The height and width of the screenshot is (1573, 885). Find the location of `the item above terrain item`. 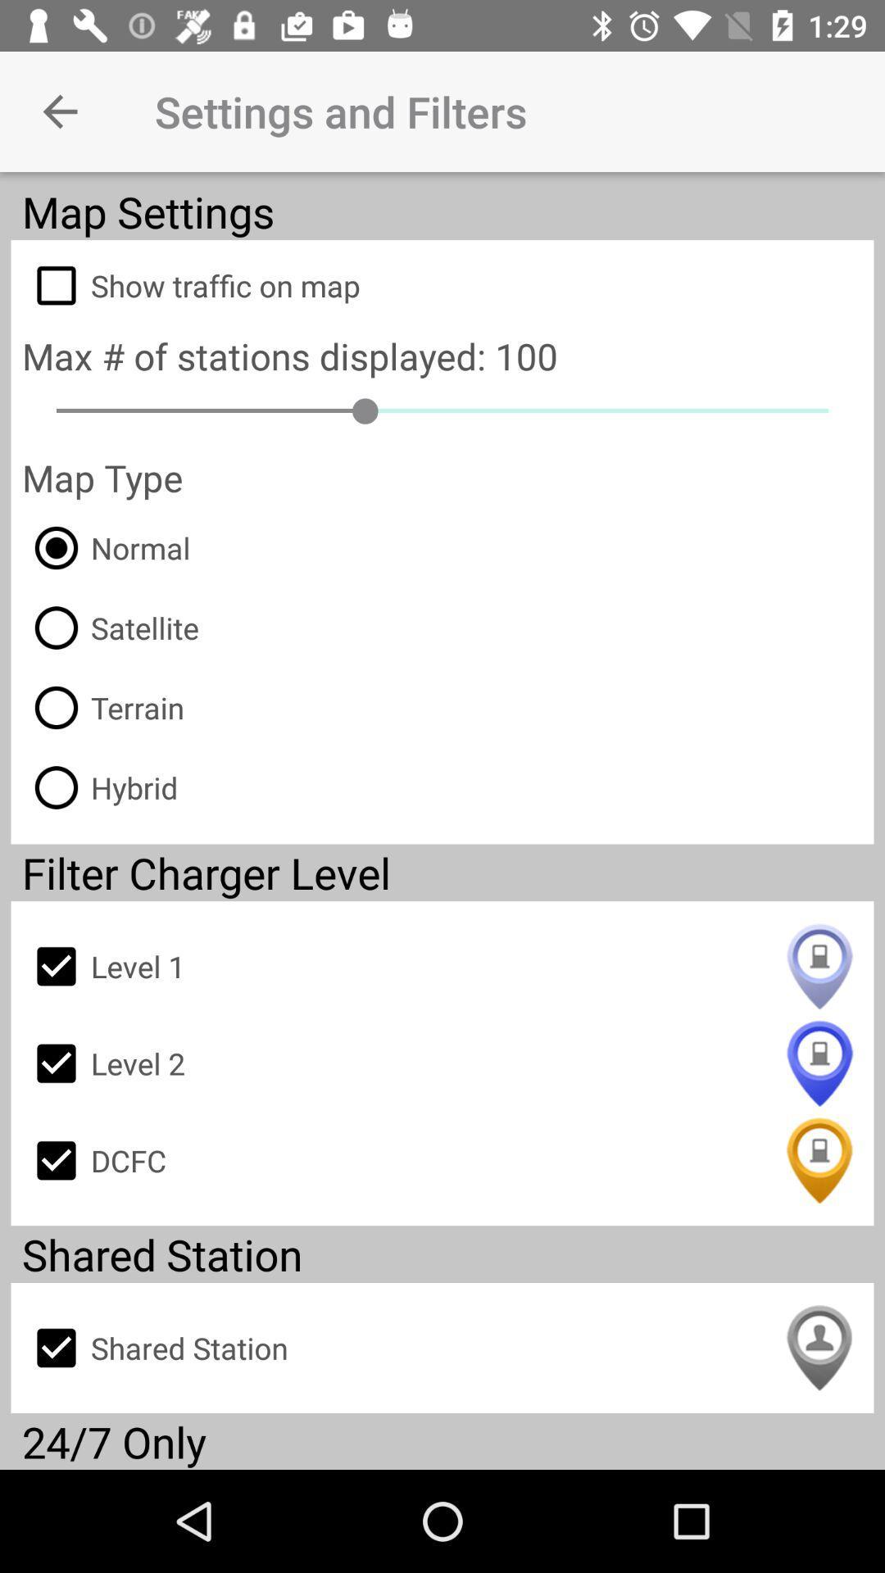

the item above terrain item is located at coordinates (111, 627).